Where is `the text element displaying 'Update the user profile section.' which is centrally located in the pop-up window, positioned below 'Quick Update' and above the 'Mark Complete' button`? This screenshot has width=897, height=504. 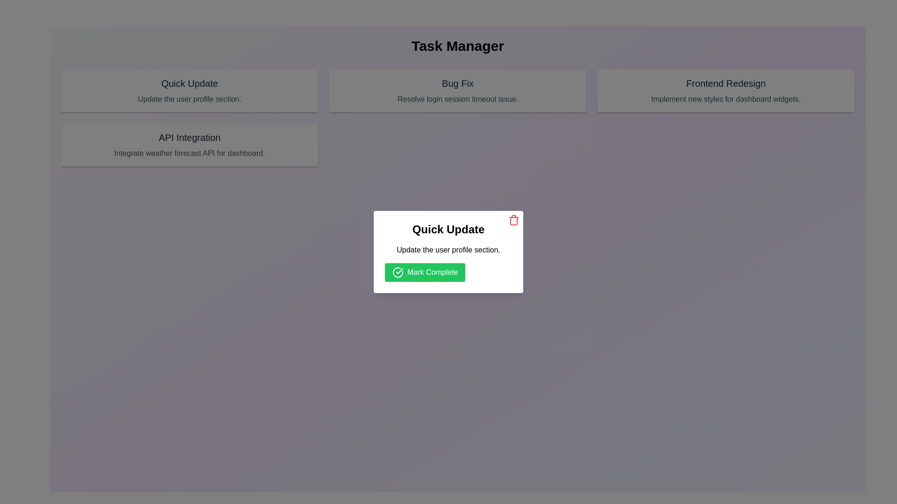 the text element displaying 'Update the user profile section.' which is centrally located in the pop-up window, positioned below 'Quick Update' and above the 'Mark Complete' button is located at coordinates (448, 250).